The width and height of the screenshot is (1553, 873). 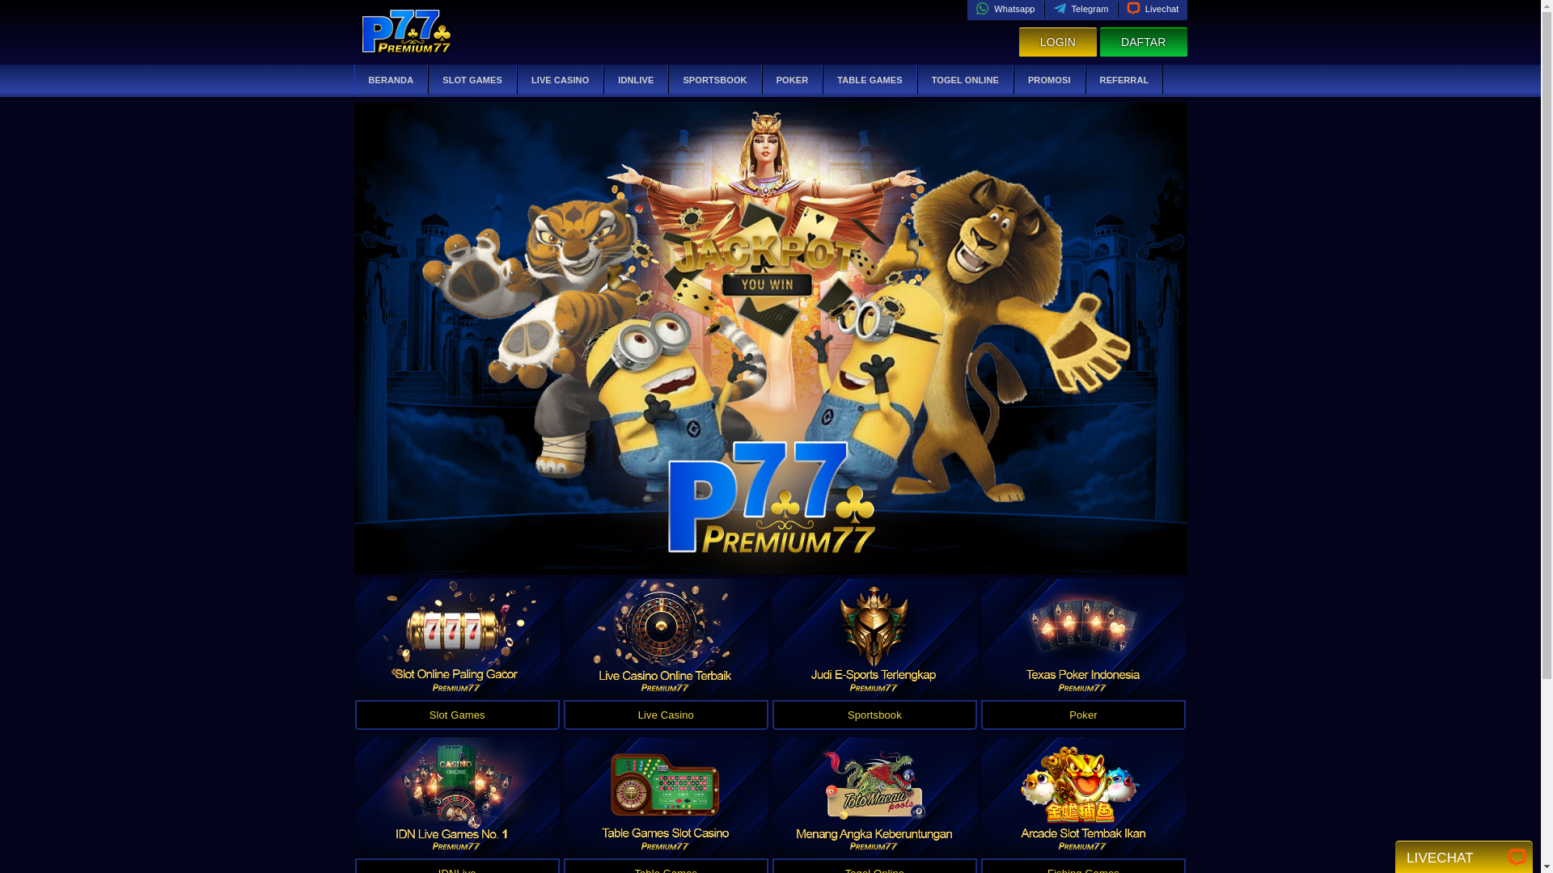 What do you see at coordinates (965, 80) in the screenshot?
I see `'TOGEL ONLINE'` at bounding box center [965, 80].